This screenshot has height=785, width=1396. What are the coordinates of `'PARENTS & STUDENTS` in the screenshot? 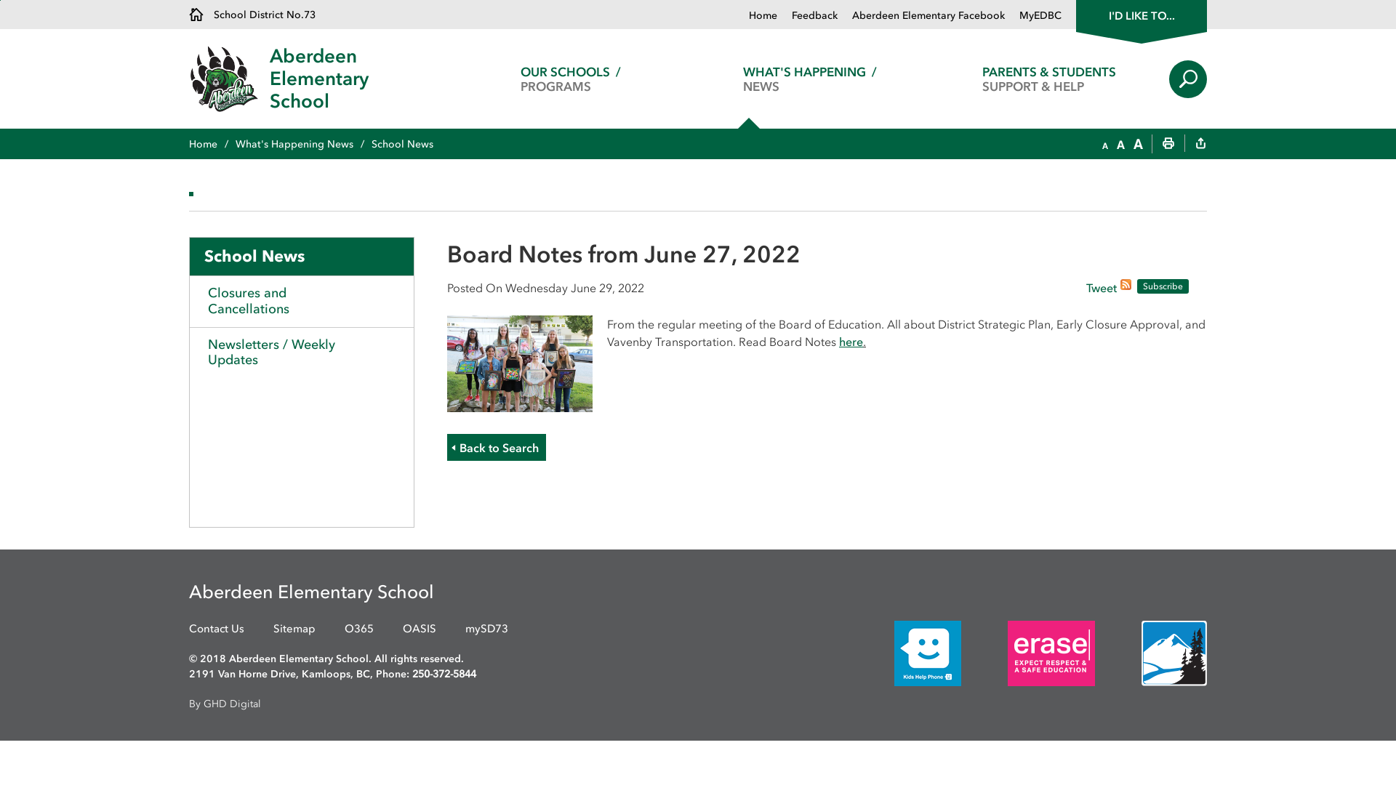 It's located at (1049, 78).